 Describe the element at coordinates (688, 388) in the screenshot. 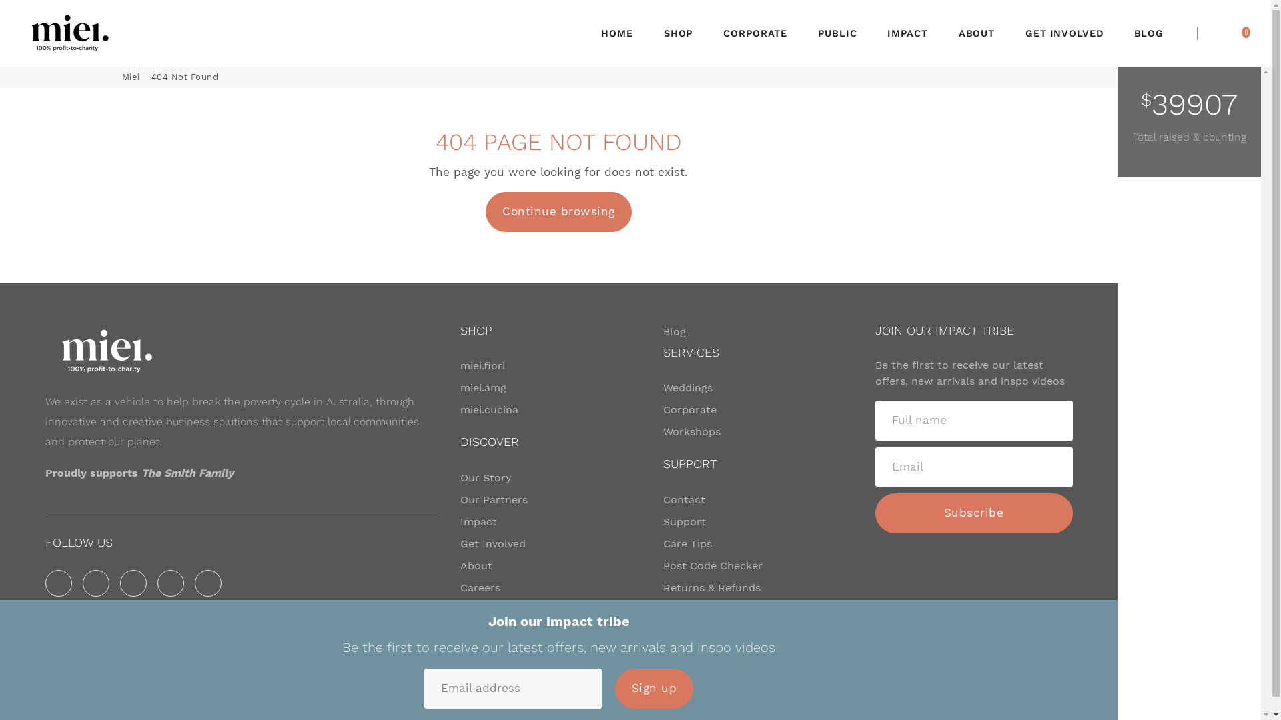

I see `'Weddings'` at that location.